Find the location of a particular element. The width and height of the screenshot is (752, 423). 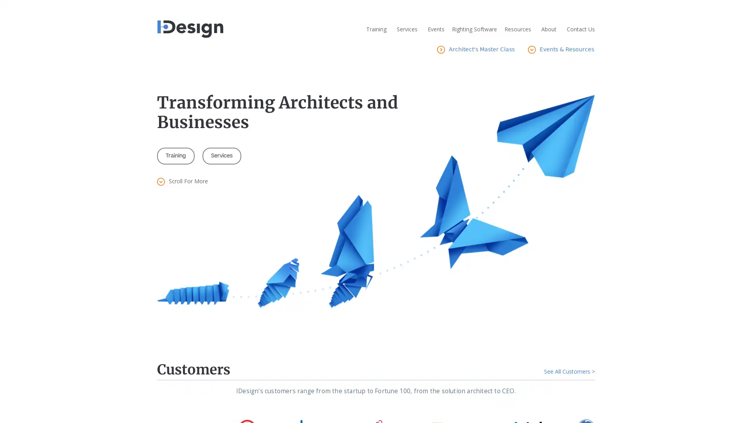

Training is located at coordinates (175, 155).